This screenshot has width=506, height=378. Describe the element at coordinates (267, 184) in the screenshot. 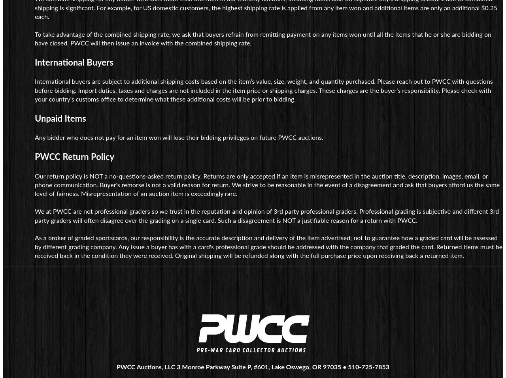

I see `'Our return policy is NOT a no-questions-asked return policy. Returns are only accepted if an item is misrepresented in the auction title, description, images, email, or phone communication. Buyer's remorse is not a valid reason for return. We strive to be reasonable in the event of a disagreement and ask that buyers afford us the same level of fairness. Misrepresentation of an auction item is exceedingly rare.'` at that location.